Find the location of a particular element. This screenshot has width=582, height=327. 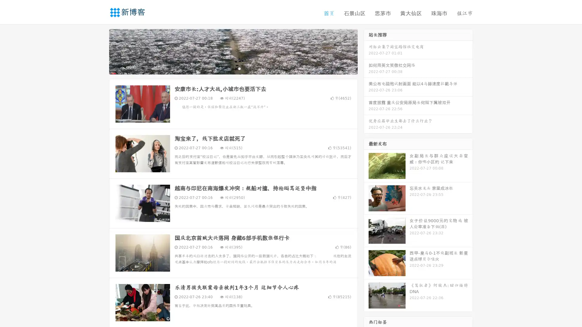

Go to slide 2 is located at coordinates (233, 68).